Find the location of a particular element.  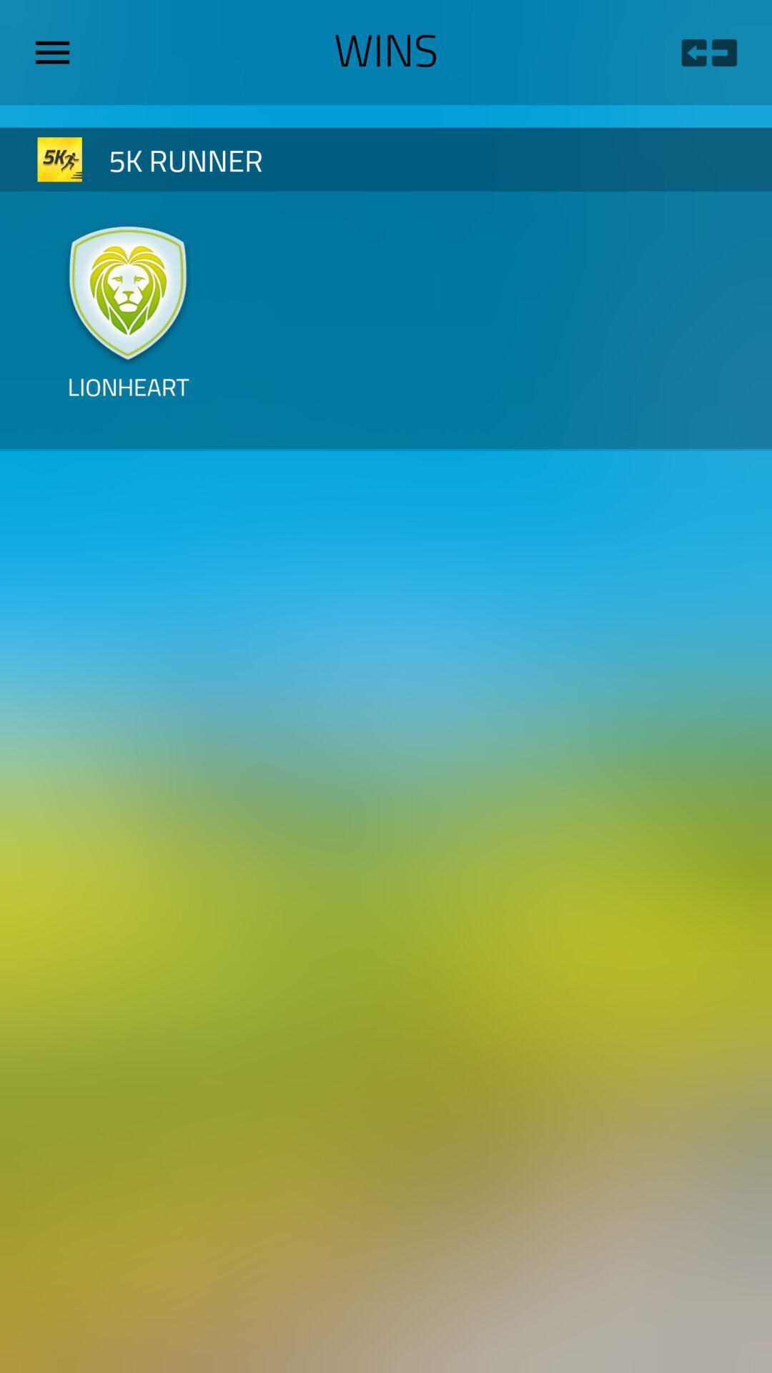

icon above the lionheart is located at coordinates (127, 291).